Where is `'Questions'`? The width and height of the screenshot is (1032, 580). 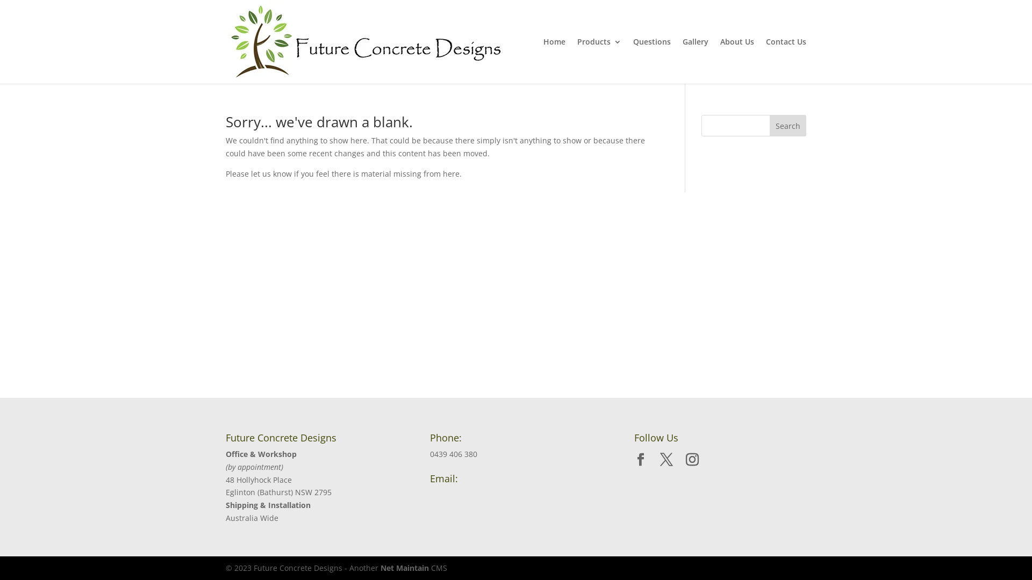
'Questions' is located at coordinates (651, 61).